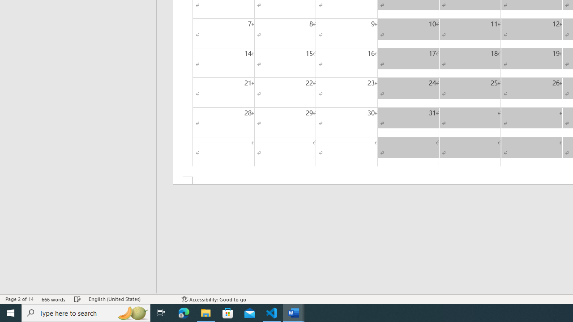 The height and width of the screenshot is (322, 573). I want to click on 'Type here to search', so click(86, 312).